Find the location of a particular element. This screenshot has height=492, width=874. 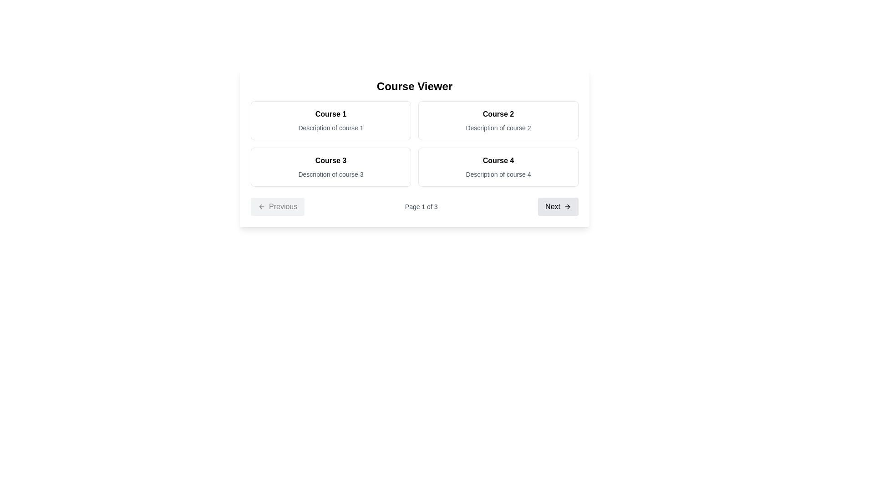

the 'Previous' button in the navigation bar, which has a light gray background, rounded corners, and an arrow icon pointing leftward is located at coordinates (277, 207).